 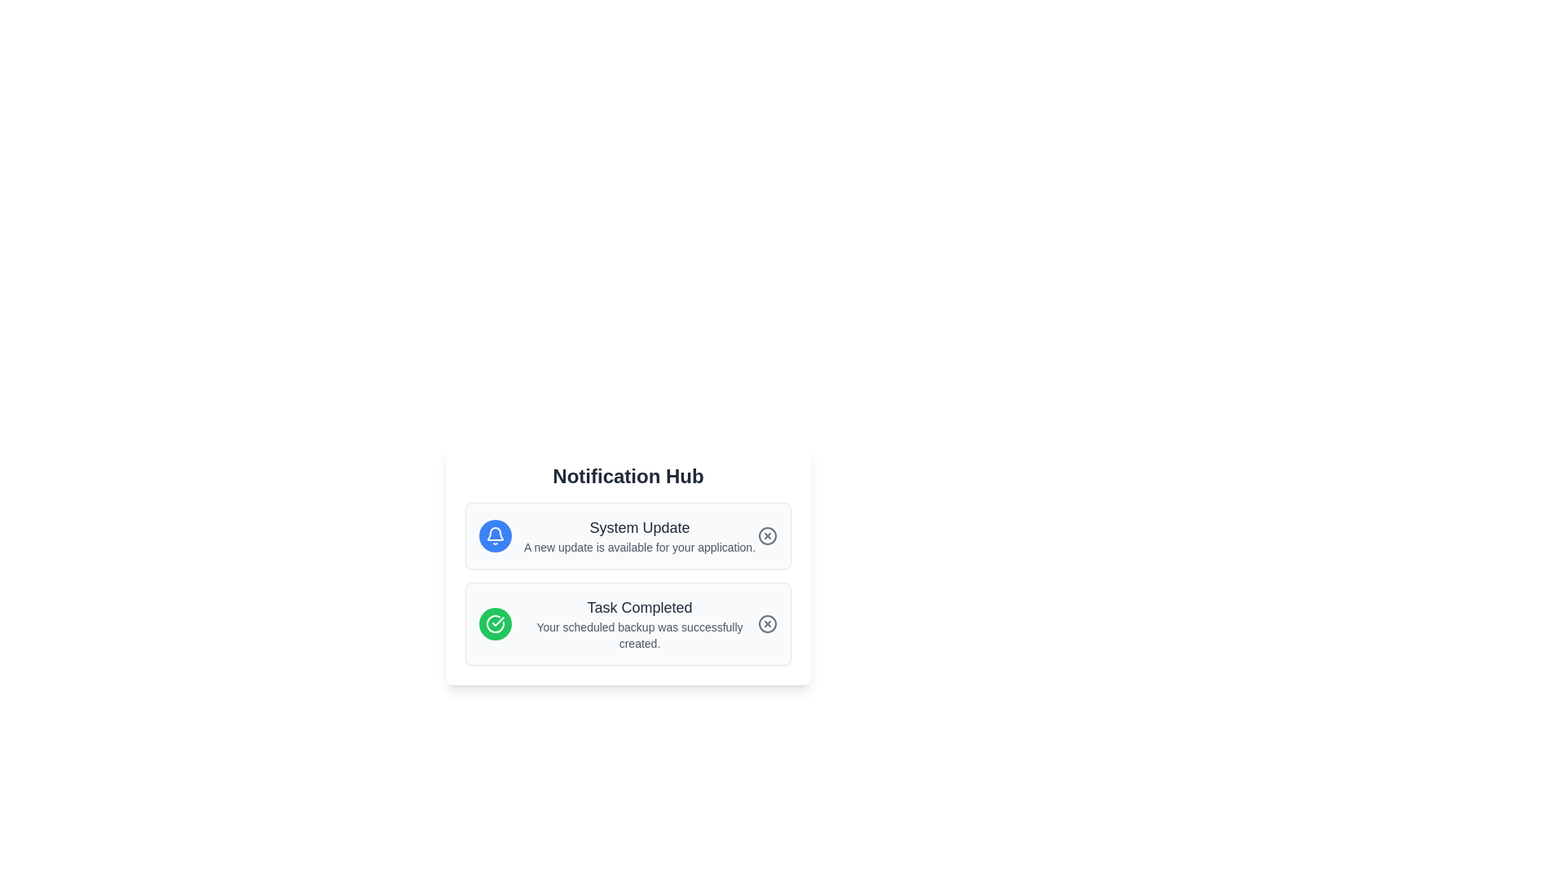 What do you see at coordinates (639, 634) in the screenshot?
I see `text label displaying 'Your scheduled backup was successfully created.' located beneath the 'Task Completed' headline in the notification card` at bounding box center [639, 634].